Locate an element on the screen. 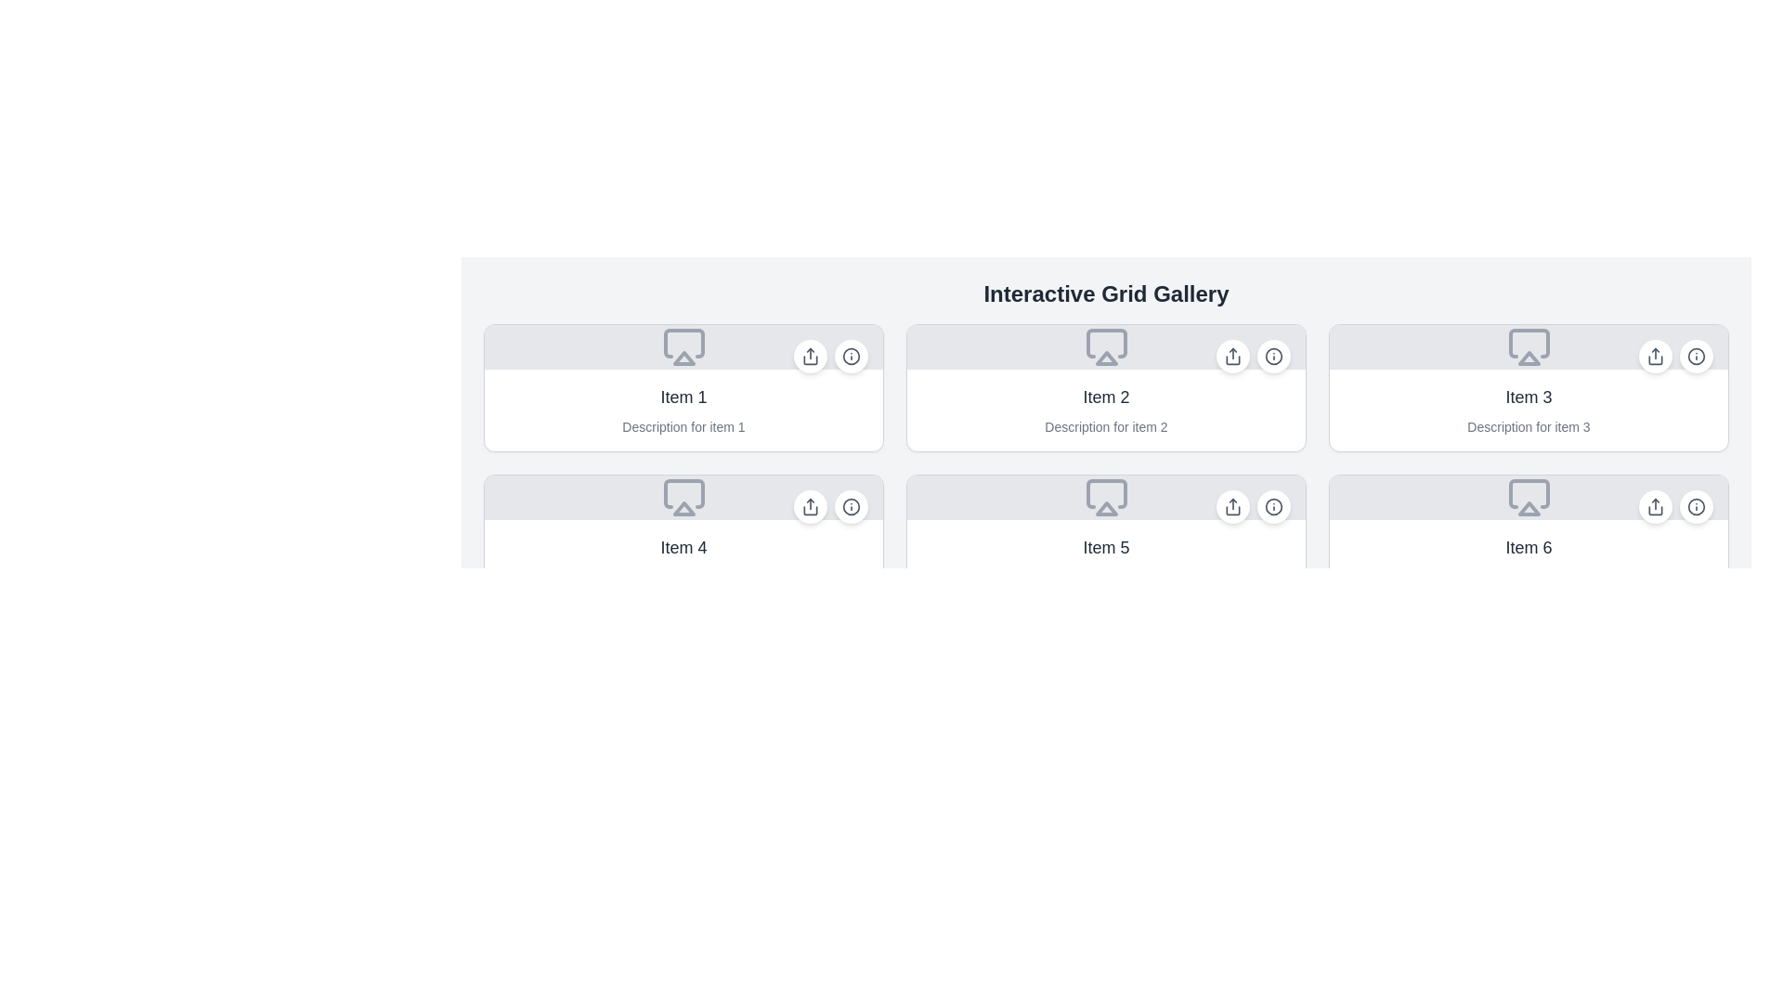 This screenshot has width=1783, height=1003. the circular button with a white background and an 'i' icon in dark gray located in the top-right corner of the grid cell labeled 'Item 4' is located at coordinates (850, 507).